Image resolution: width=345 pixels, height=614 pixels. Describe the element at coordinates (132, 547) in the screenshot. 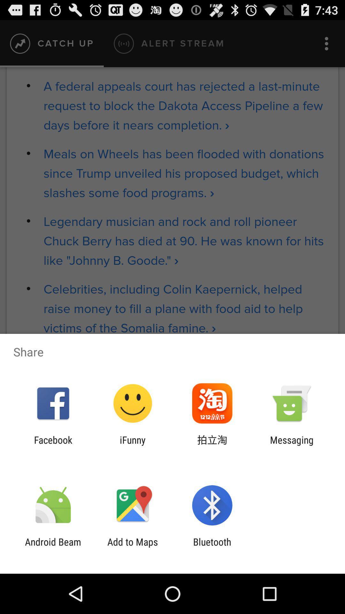

I see `icon next to the android beam icon` at that location.